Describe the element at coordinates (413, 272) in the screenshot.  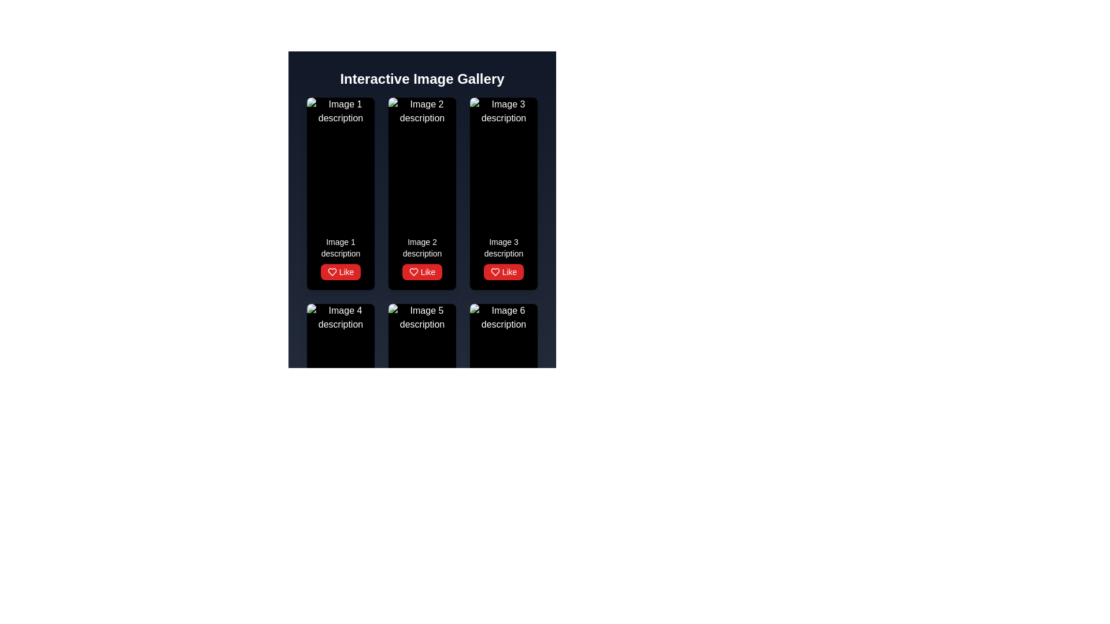
I see `the heart-shaped icon rendered in solid red color within the 'Like' button in the second column of the first row` at that location.